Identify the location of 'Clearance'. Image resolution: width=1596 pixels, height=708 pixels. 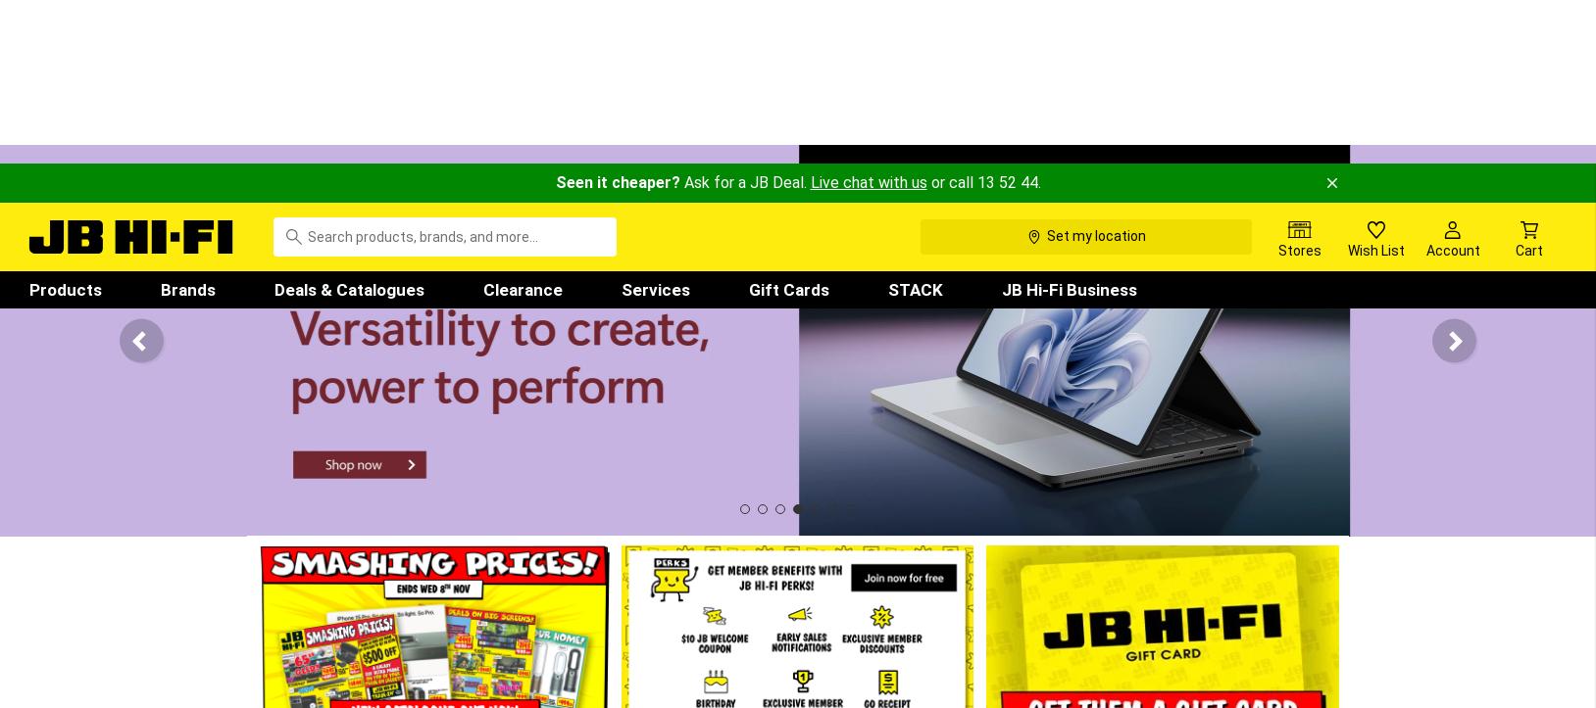
(522, 123).